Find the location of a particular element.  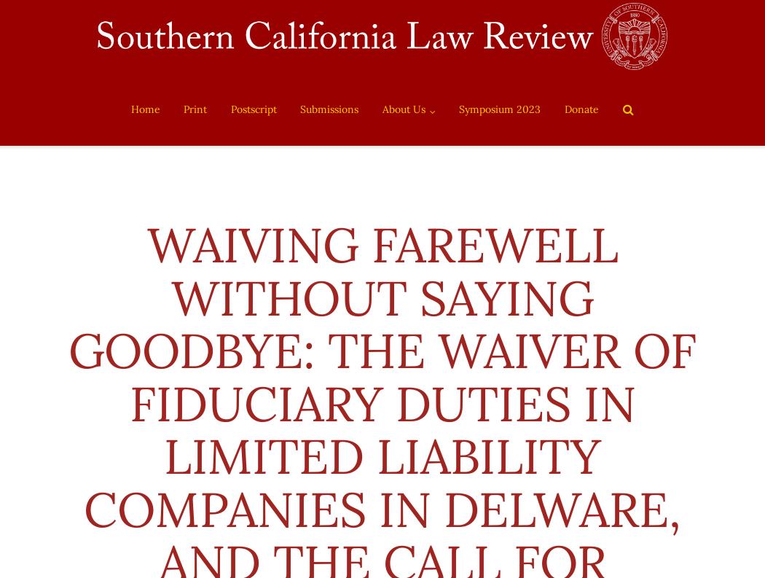

'Donate' is located at coordinates (580, 109).